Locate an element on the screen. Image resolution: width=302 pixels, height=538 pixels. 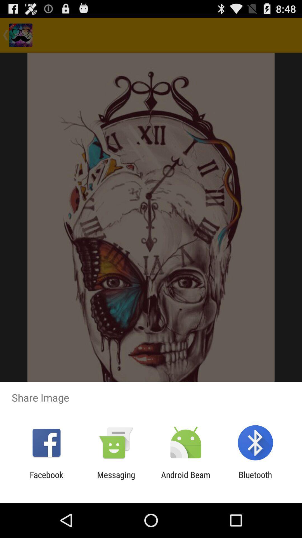
the item next to the messaging icon is located at coordinates (46, 479).